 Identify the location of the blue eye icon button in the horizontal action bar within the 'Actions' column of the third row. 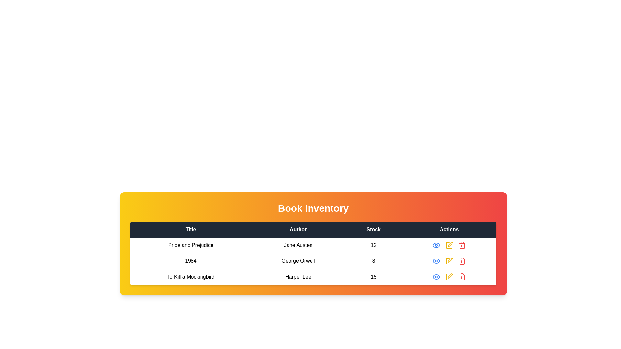
(436, 276).